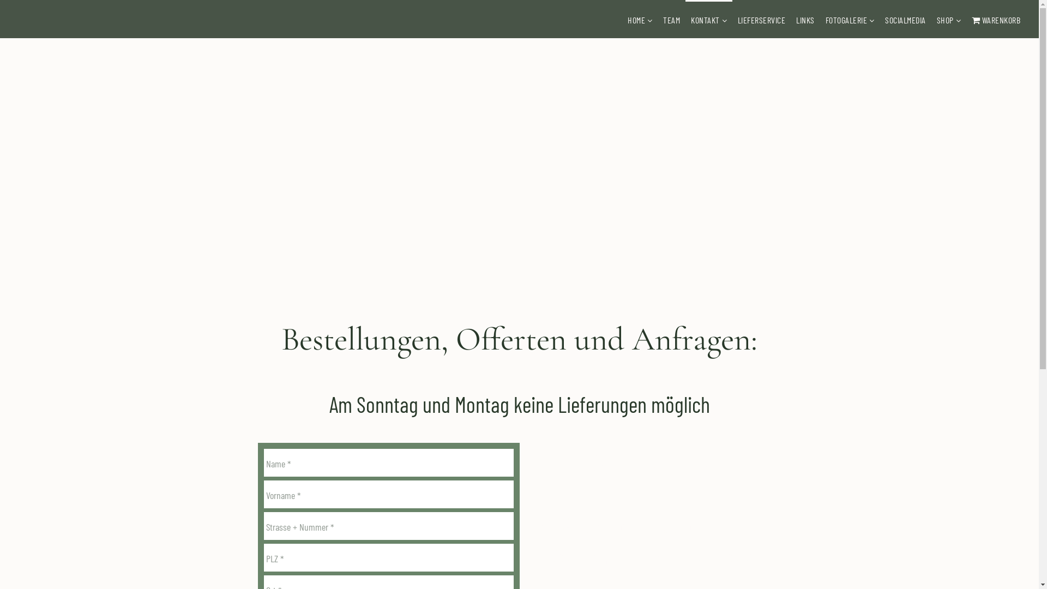 This screenshot has height=589, width=1047. I want to click on 'HOME', so click(636, 20).